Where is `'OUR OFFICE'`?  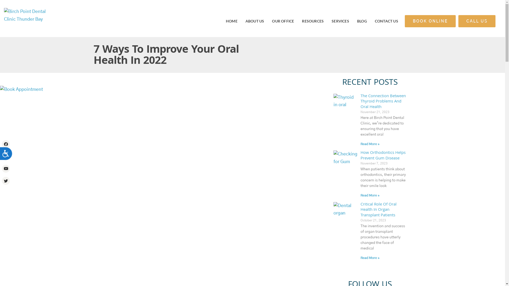 'OUR OFFICE' is located at coordinates (283, 21).